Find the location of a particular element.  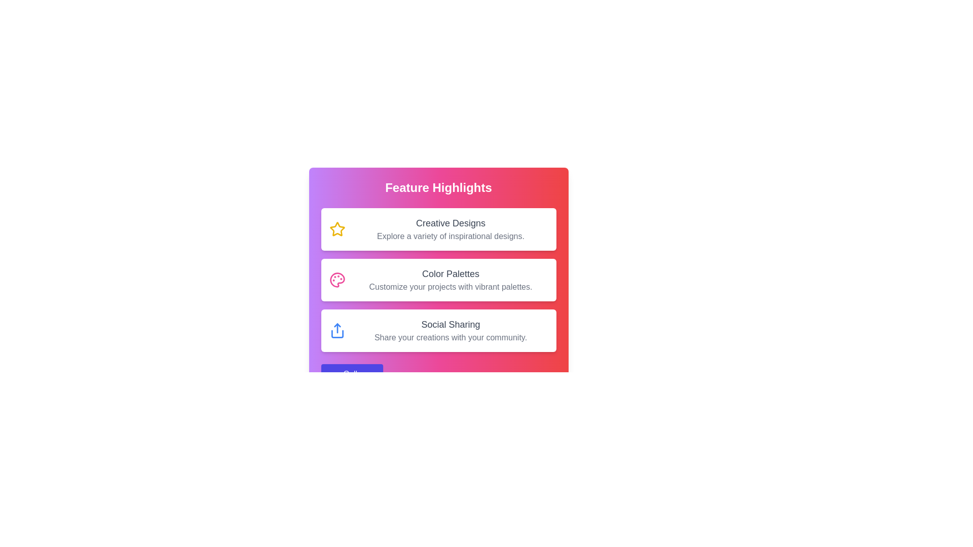

the circular pink icon resembling a painter's palette, which is positioned before the 'Color Palettes' text is located at coordinates (337, 280).